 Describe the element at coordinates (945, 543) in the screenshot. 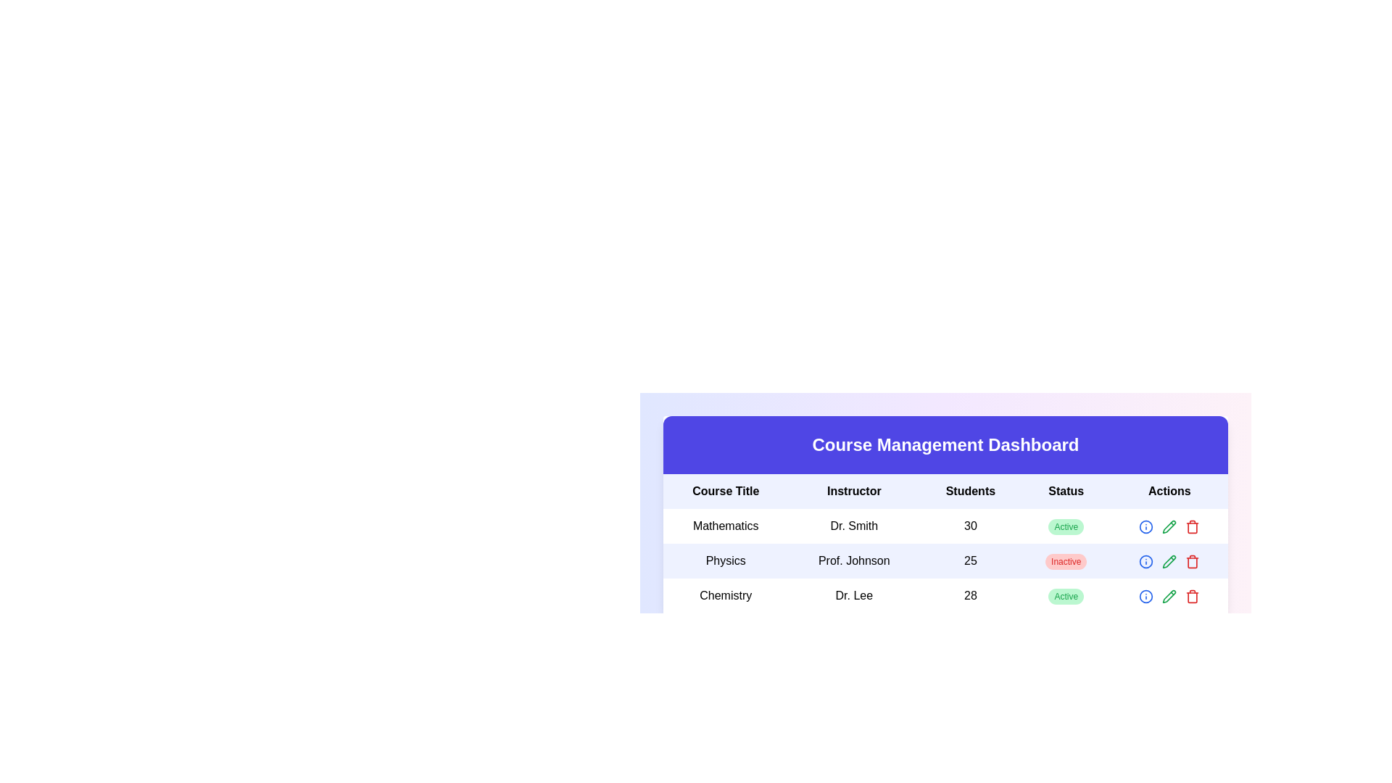

I see `on the table cell displaying the number of students enrolled in the 'Physics' course located in the second row under the 'Students' column of the Course Management Dashboard` at that location.